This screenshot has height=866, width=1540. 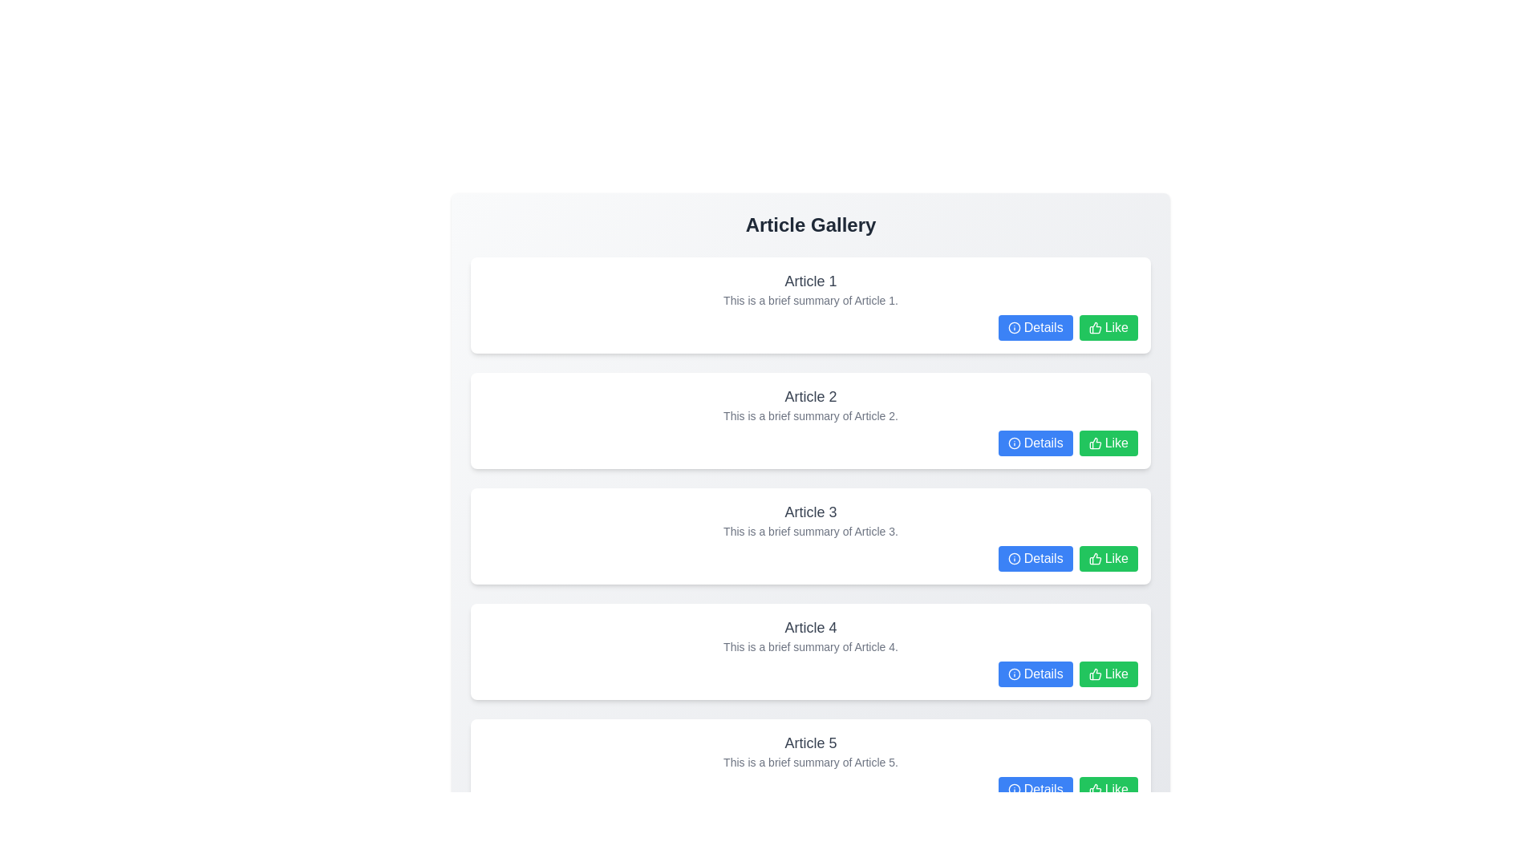 What do you see at coordinates (1094, 558) in the screenshot?
I see `the thumbs-up icon with a green background adjacent to the text 'Like' in the button for 'Article 4' to give a like` at bounding box center [1094, 558].